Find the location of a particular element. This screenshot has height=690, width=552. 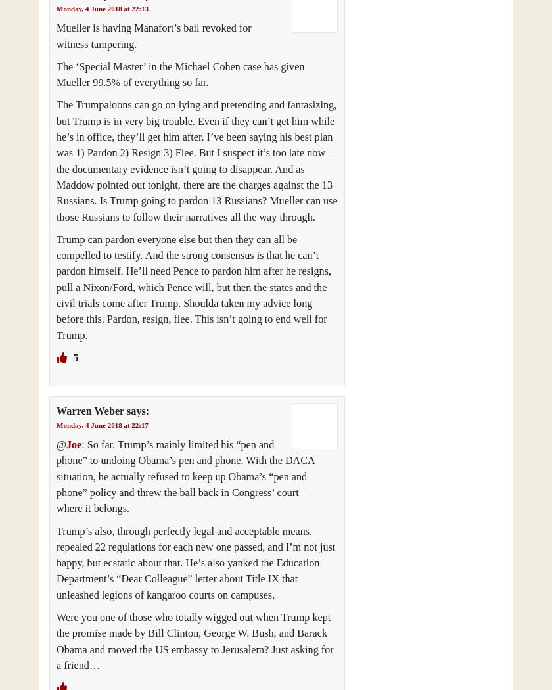

'The ‘Special Master’ in the Michael Cohen case has given Mueller 99.5% of everything so far.' is located at coordinates (57, 74).